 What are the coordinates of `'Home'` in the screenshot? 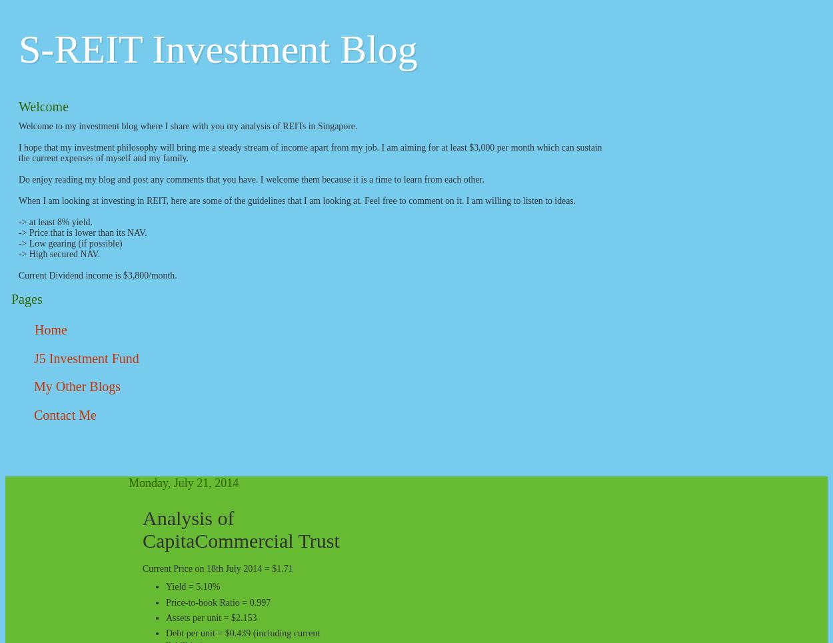 It's located at (35, 330).